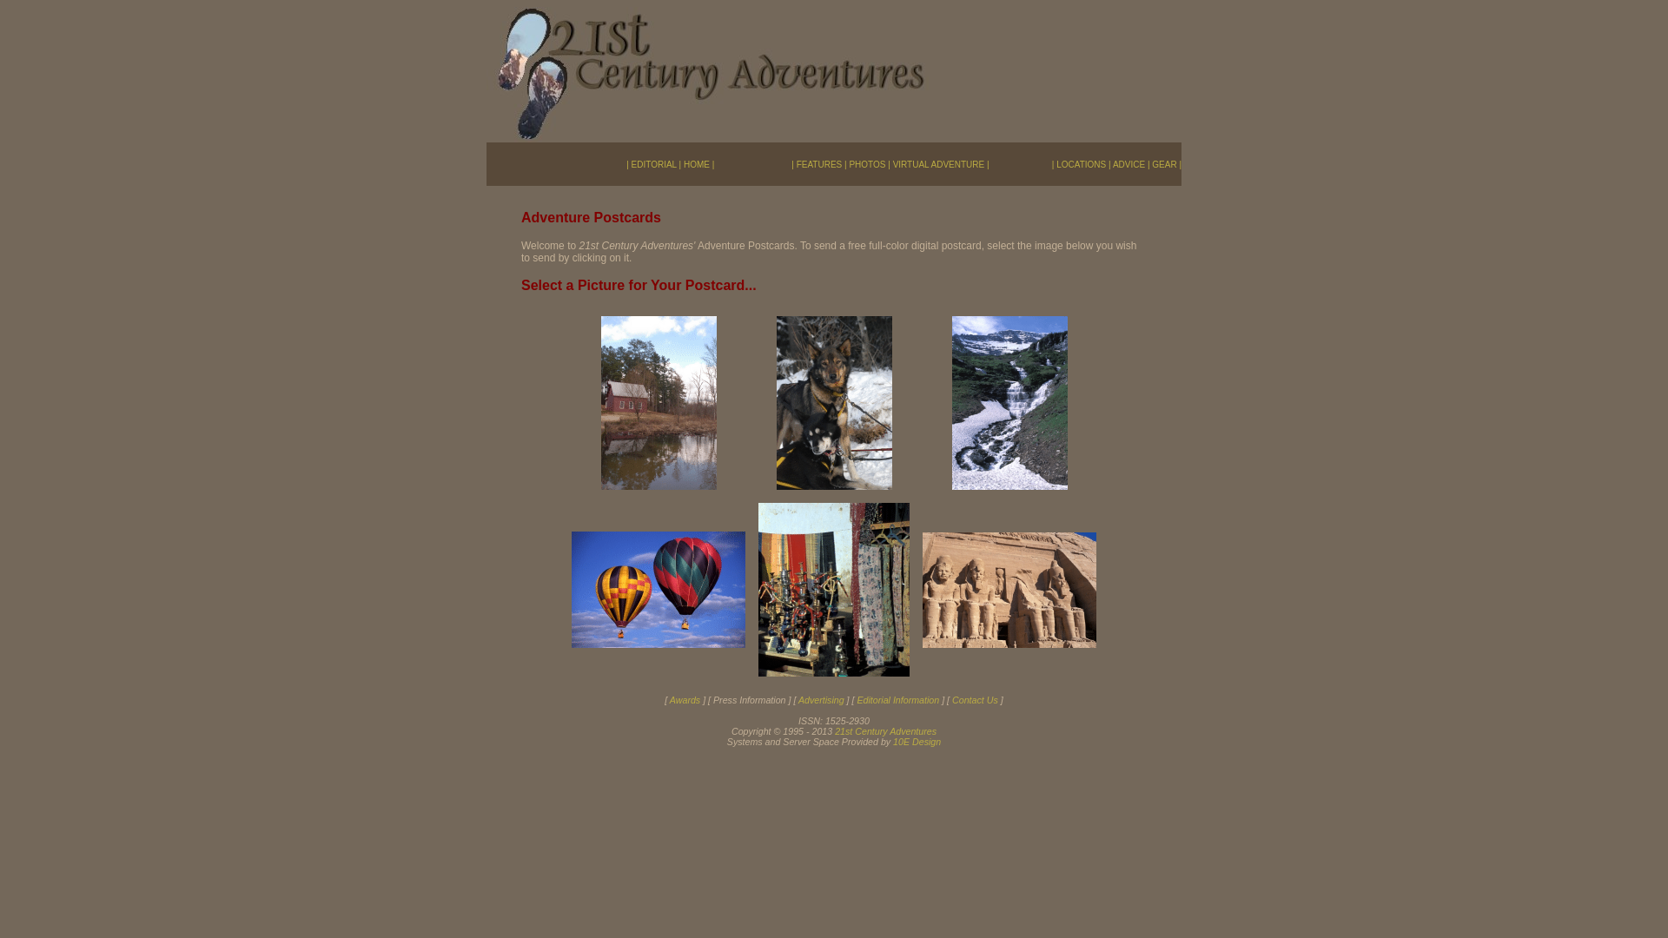 The width and height of the screenshot is (1668, 938). I want to click on 'Editorial Information', so click(856, 699).